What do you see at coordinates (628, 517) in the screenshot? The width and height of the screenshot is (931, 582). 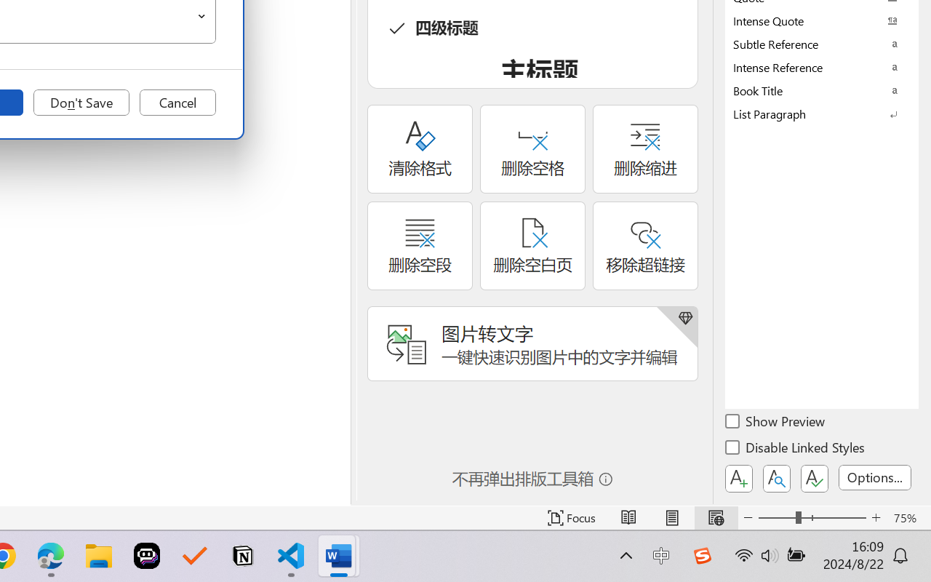 I see `'Read Mode'` at bounding box center [628, 517].